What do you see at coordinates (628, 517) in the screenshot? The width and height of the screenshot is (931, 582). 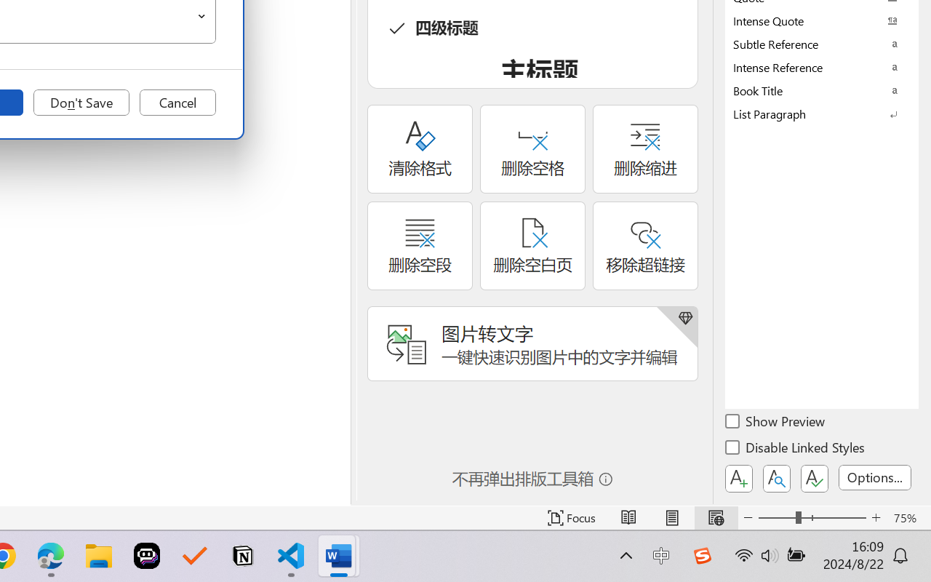 I see `'Read Mode'` at bounding box center [628, 517].